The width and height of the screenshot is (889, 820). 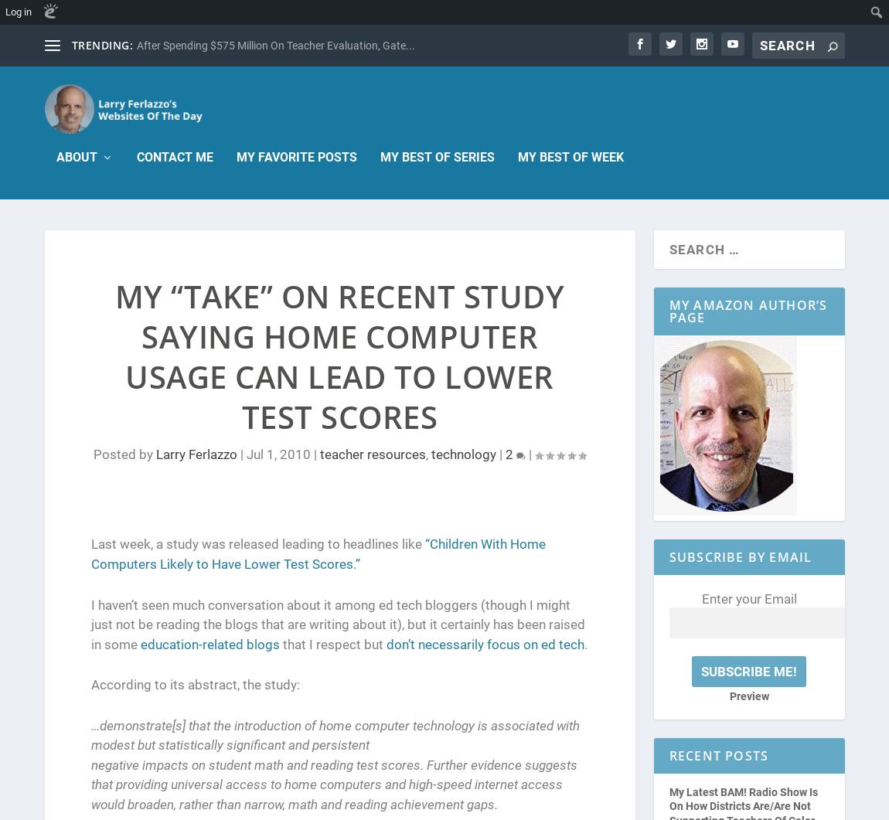 What do you see at coordinates (75, 155) in the screenshot?
I see `'About'` at bounding box center [75, 155].